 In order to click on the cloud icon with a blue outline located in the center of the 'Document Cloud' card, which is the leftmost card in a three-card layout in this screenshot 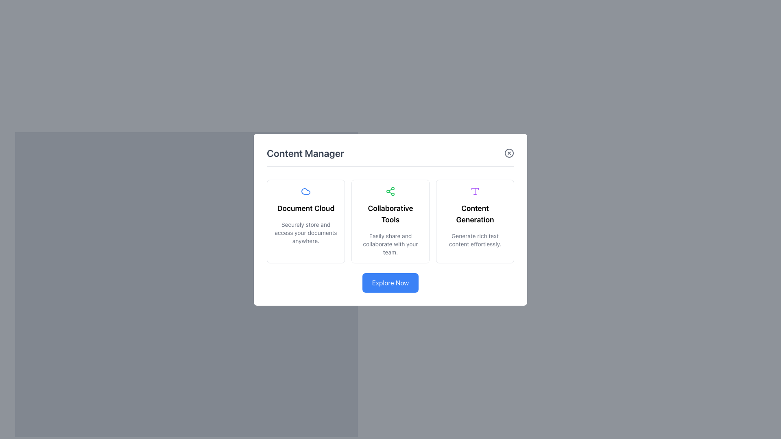, I will do `click(305, 191)`.